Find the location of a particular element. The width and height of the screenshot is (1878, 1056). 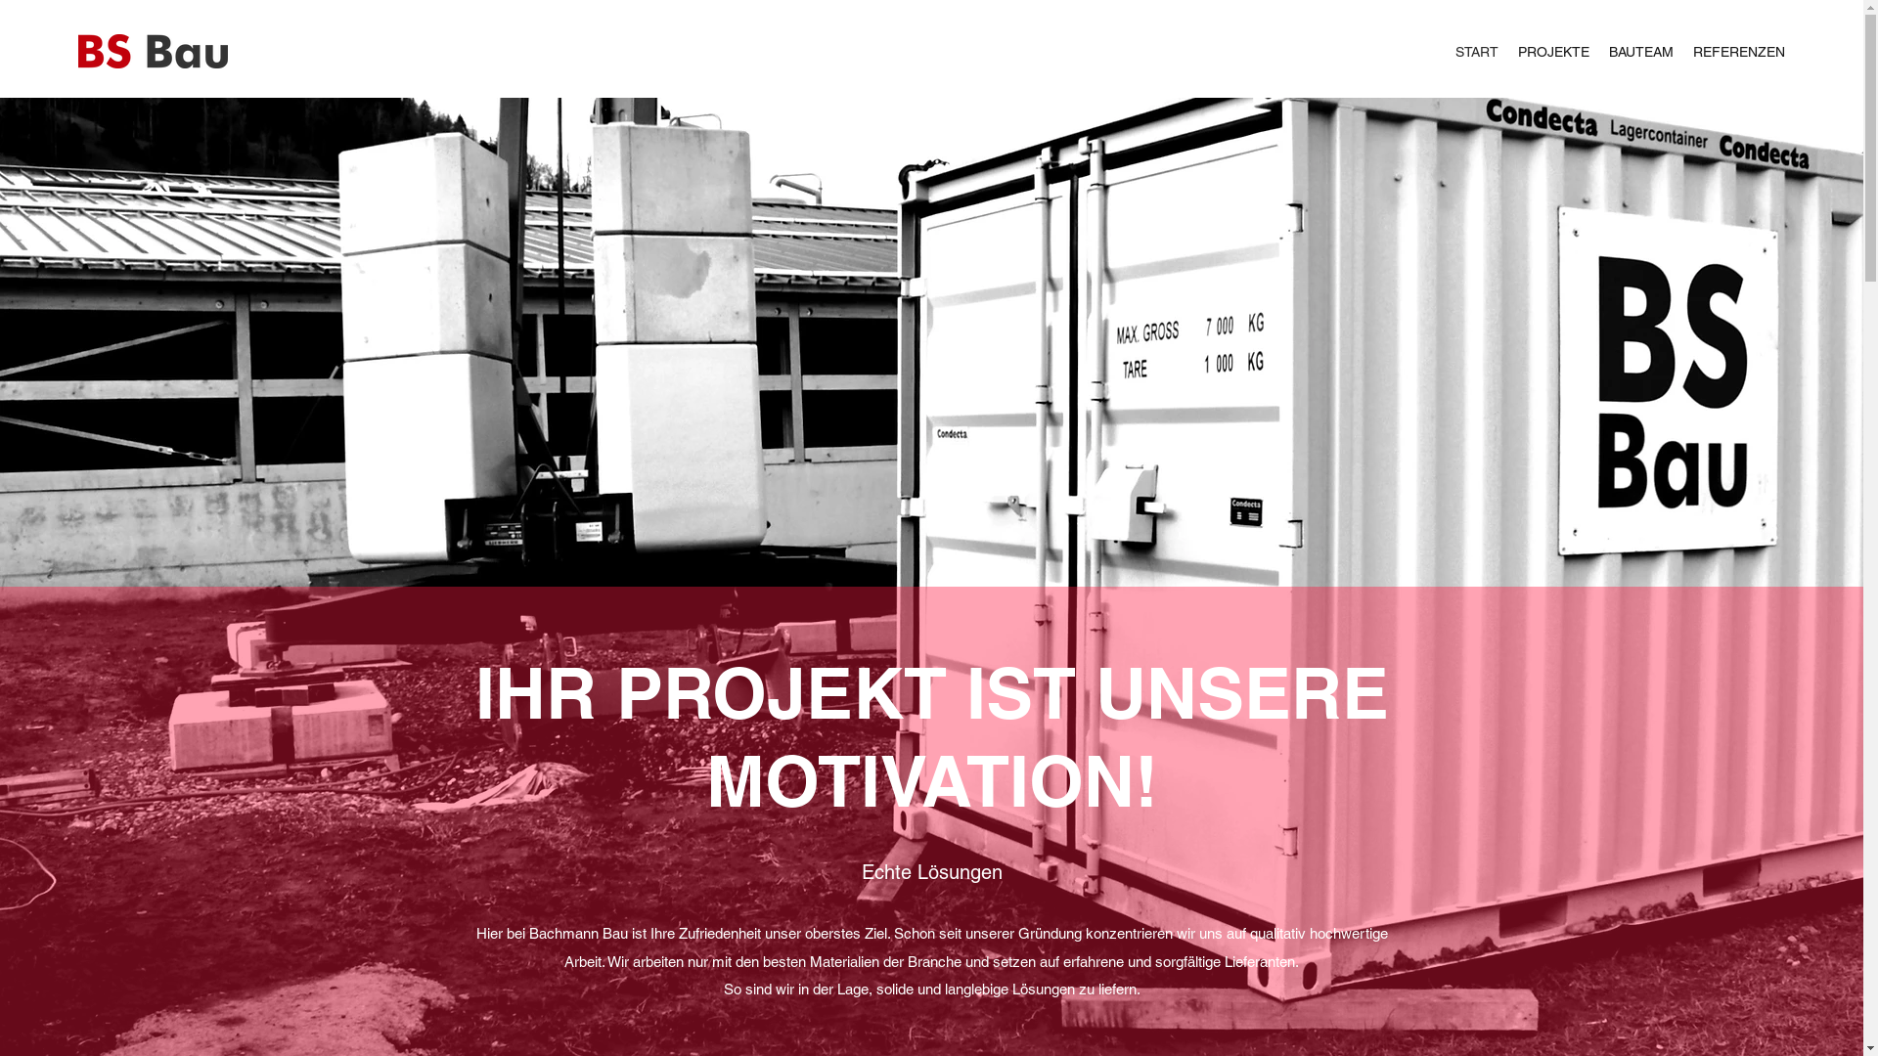

'PROJEKTE' is located at coordinates (1552, 51).